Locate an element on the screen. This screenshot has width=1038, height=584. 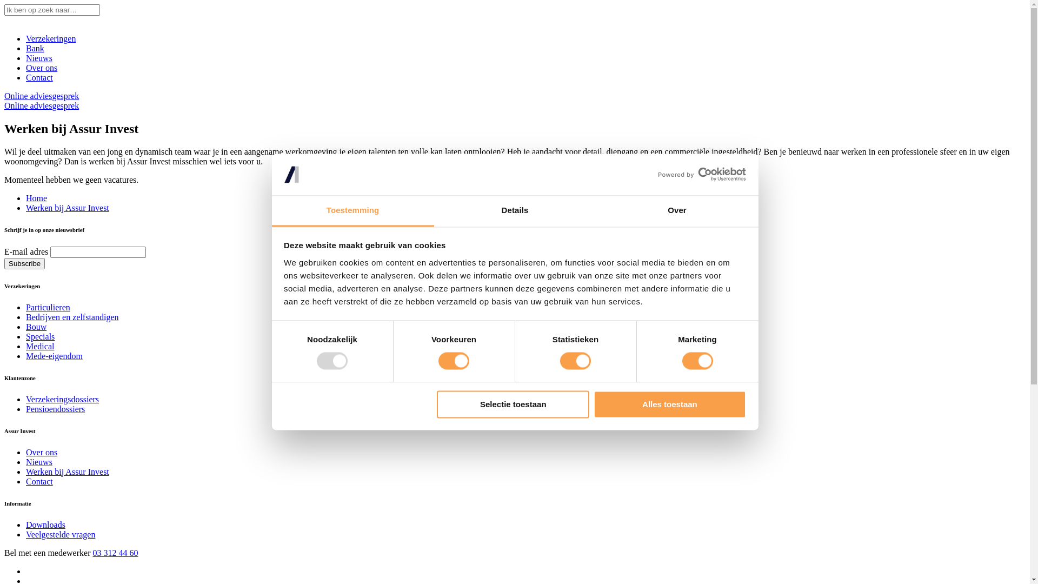
'Bouw' is located at coordinates (36, 326).